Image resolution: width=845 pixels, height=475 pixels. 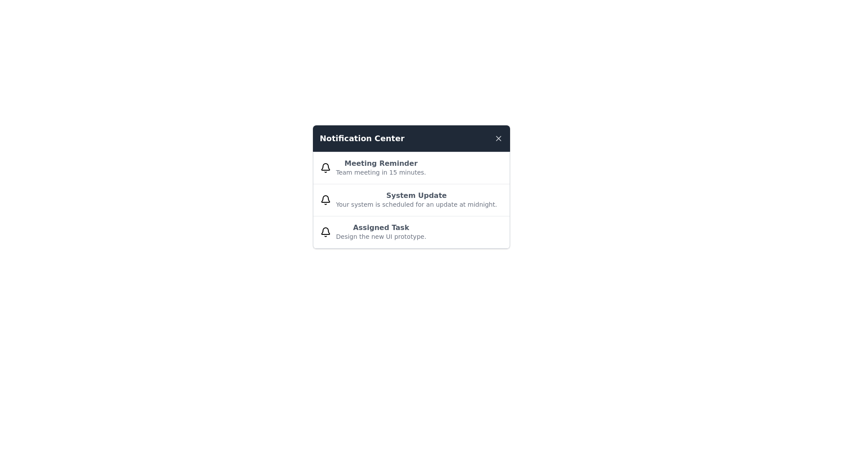 What do you see at coordinates (411, 232) in the screenshot?
I see `the third notification item in the 'Notification Center' panel` at bounding box center [411, 232].